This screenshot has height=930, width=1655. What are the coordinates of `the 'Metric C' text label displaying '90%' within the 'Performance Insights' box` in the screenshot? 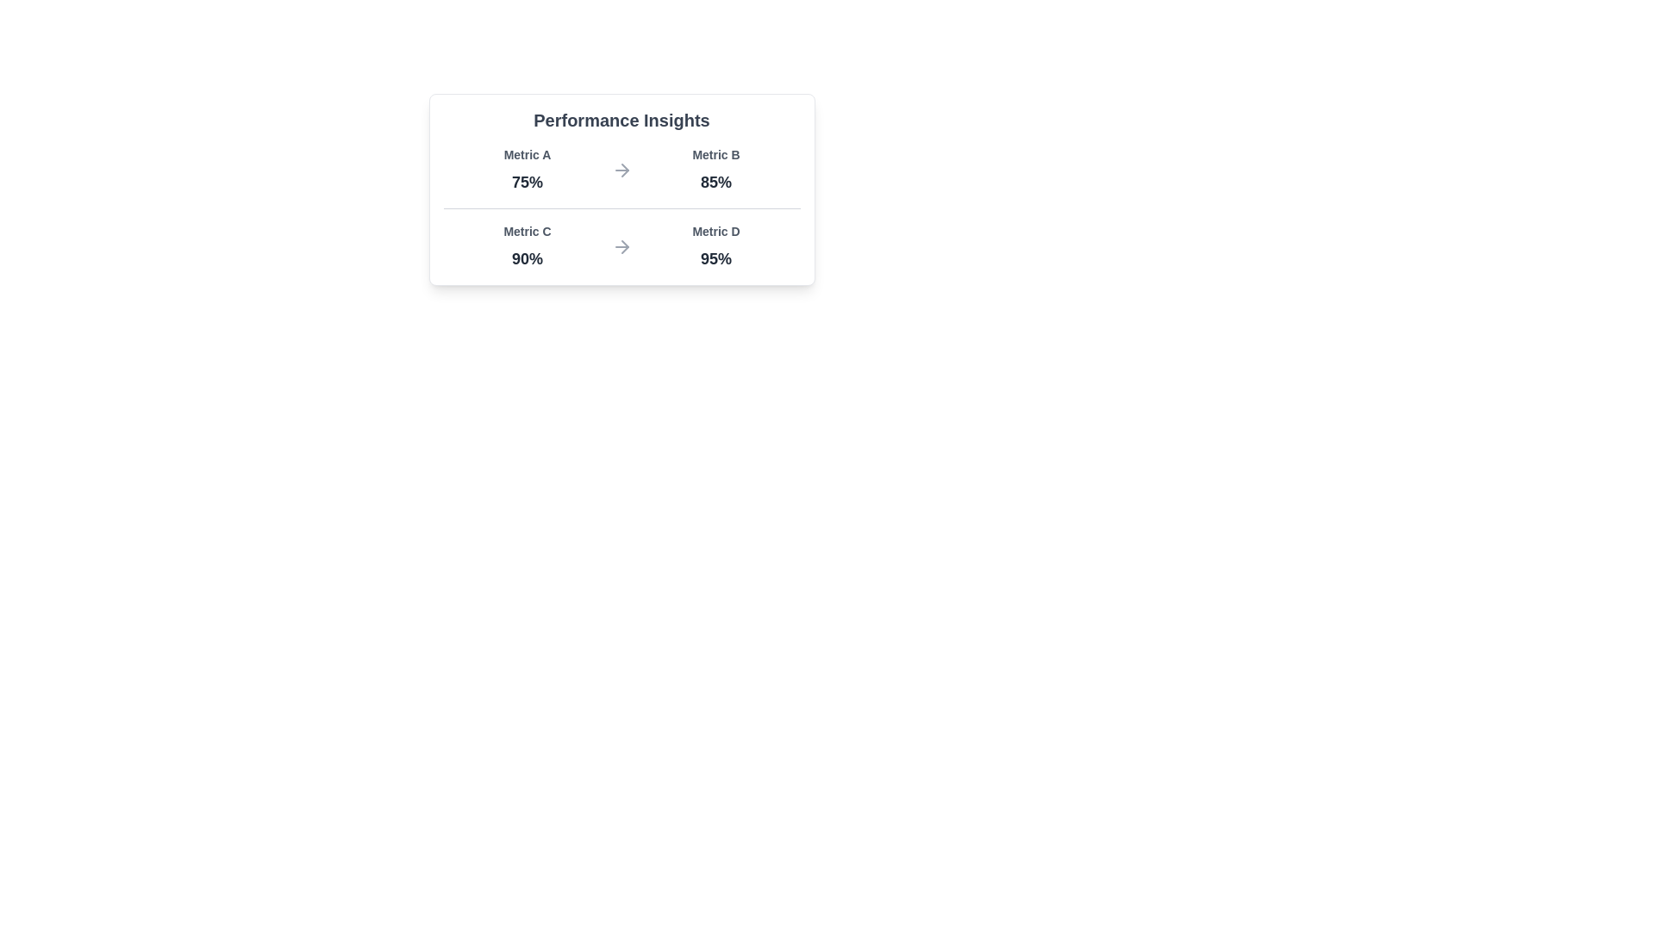 It's located at (526, 258).